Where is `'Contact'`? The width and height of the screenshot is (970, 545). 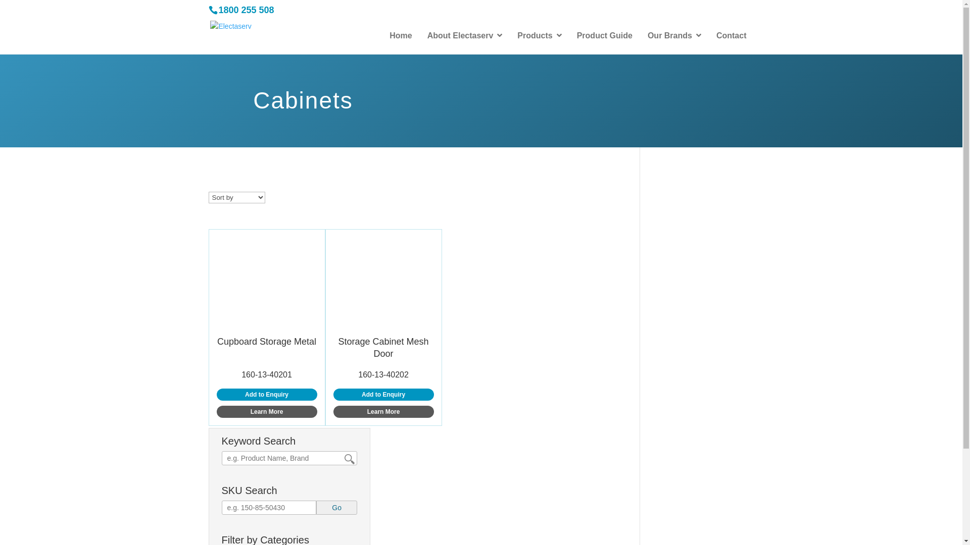
'Contact' is located at coordinates (732, 35).